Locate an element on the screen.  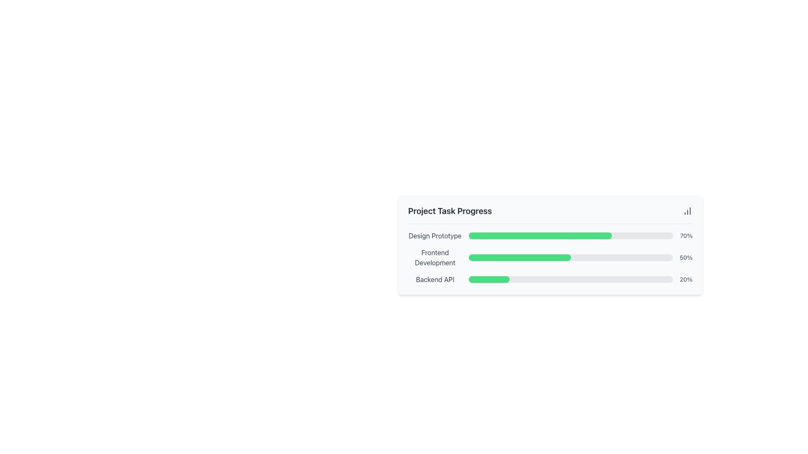
text label indicating the percentage completion of the progress bar for the 'Frontend Development' task is located at coordinates (686, 257).